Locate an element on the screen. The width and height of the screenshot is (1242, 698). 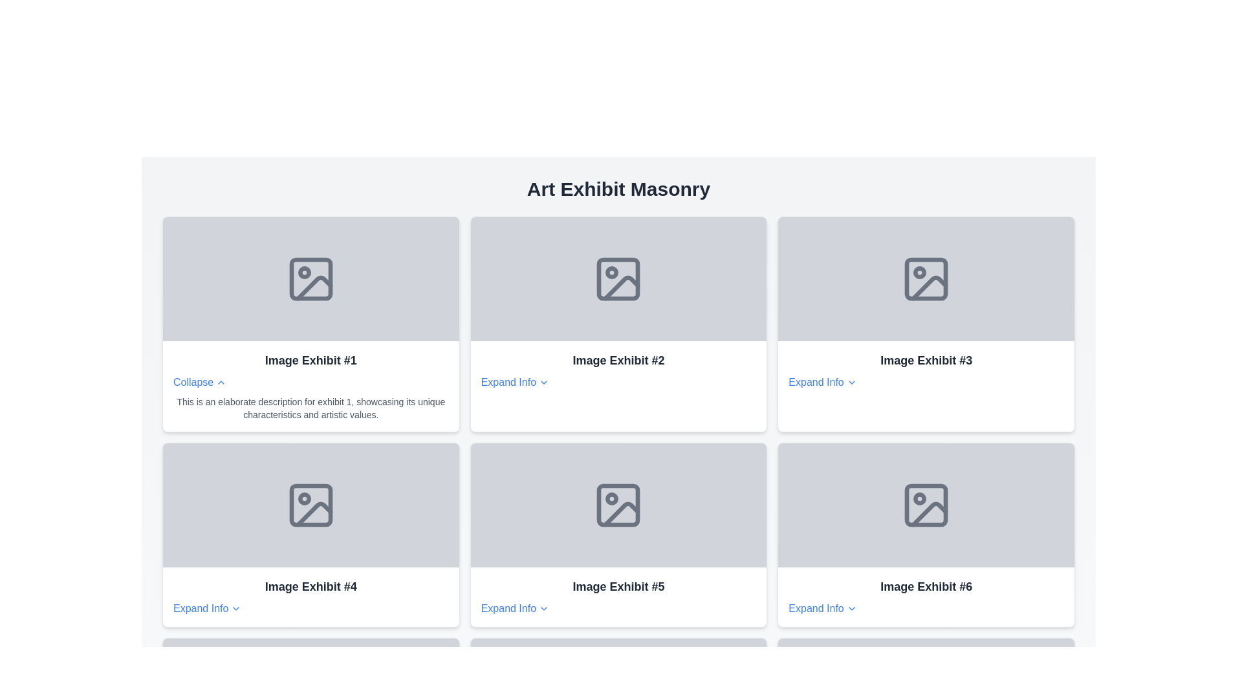
the icon or graphical placeholder located in the sixth card labeled 'Image Exhibit #6' in the grid layout is located at coordinates (926, 505).